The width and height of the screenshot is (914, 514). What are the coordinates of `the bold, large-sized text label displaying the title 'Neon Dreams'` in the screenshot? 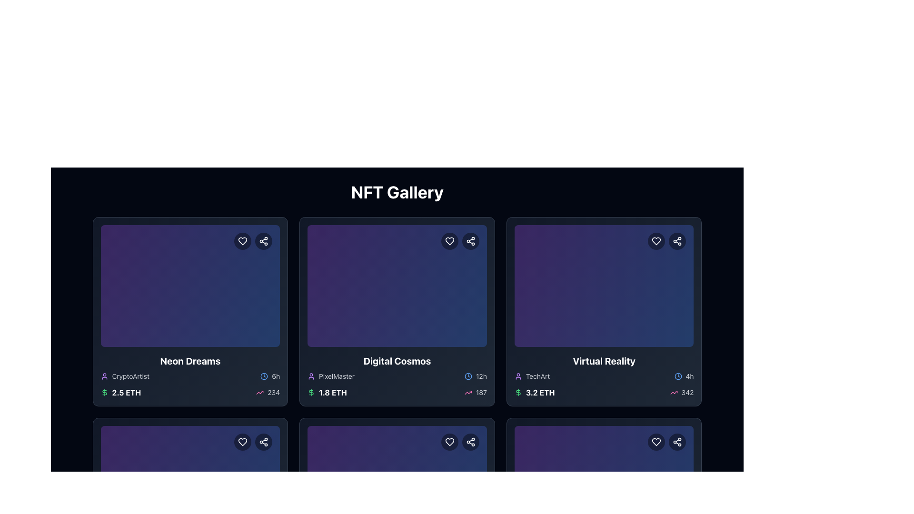 It's located at (190, 361).